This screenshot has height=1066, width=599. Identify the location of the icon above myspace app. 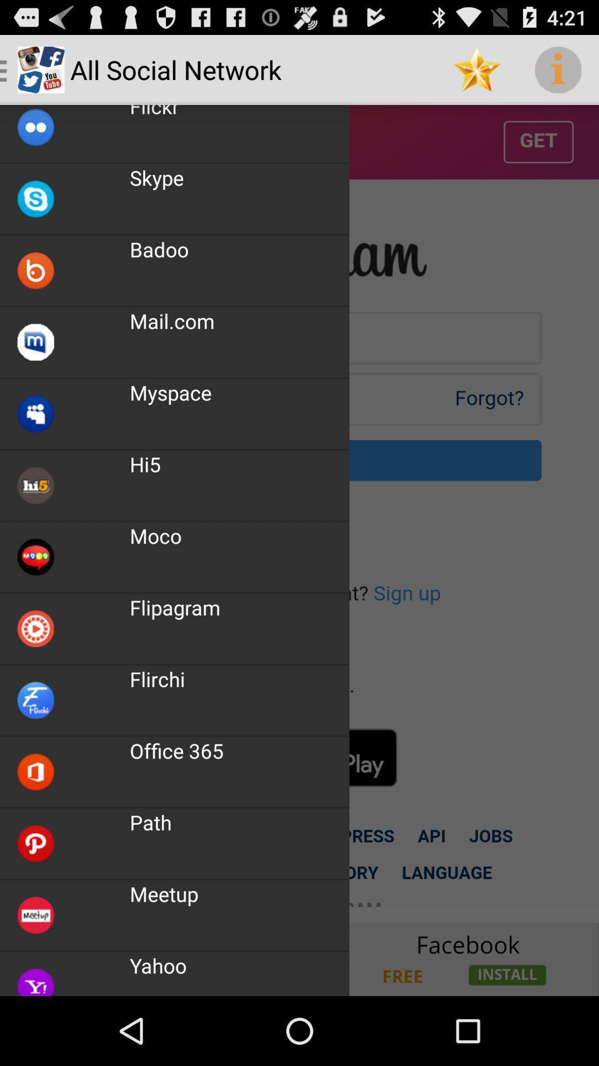
(172, 320).